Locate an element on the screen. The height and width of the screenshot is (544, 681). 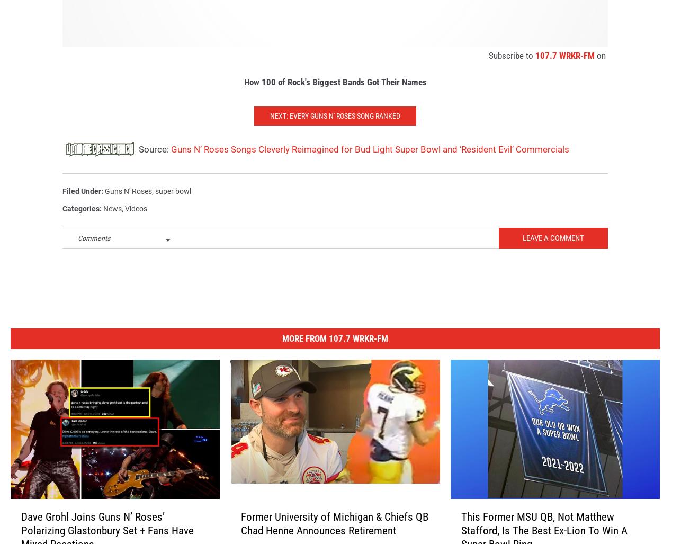
'Categories' is located at coordinates (81, 220).